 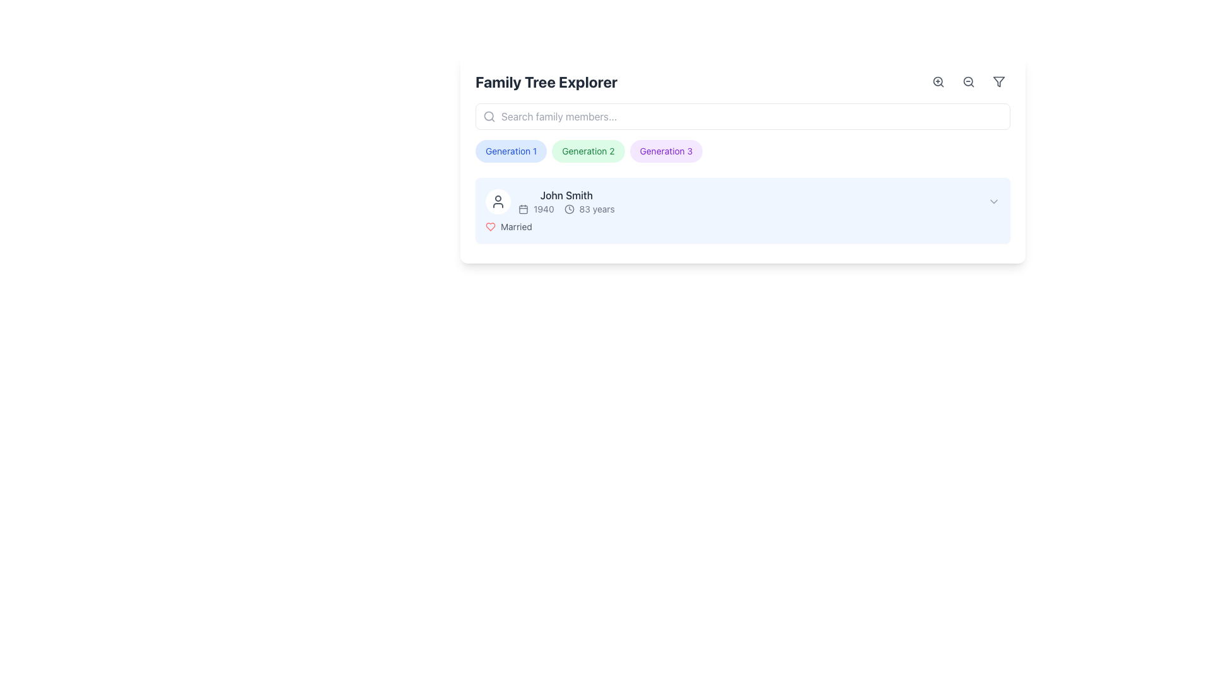 What do you see at coordinates (938, 81) in the screenshot?
I see `the SVG circle element styled with a stroke and no fill, located at the center of the magnifying glass icon in the top right UI section of the application` at bounding box center [938, 81].